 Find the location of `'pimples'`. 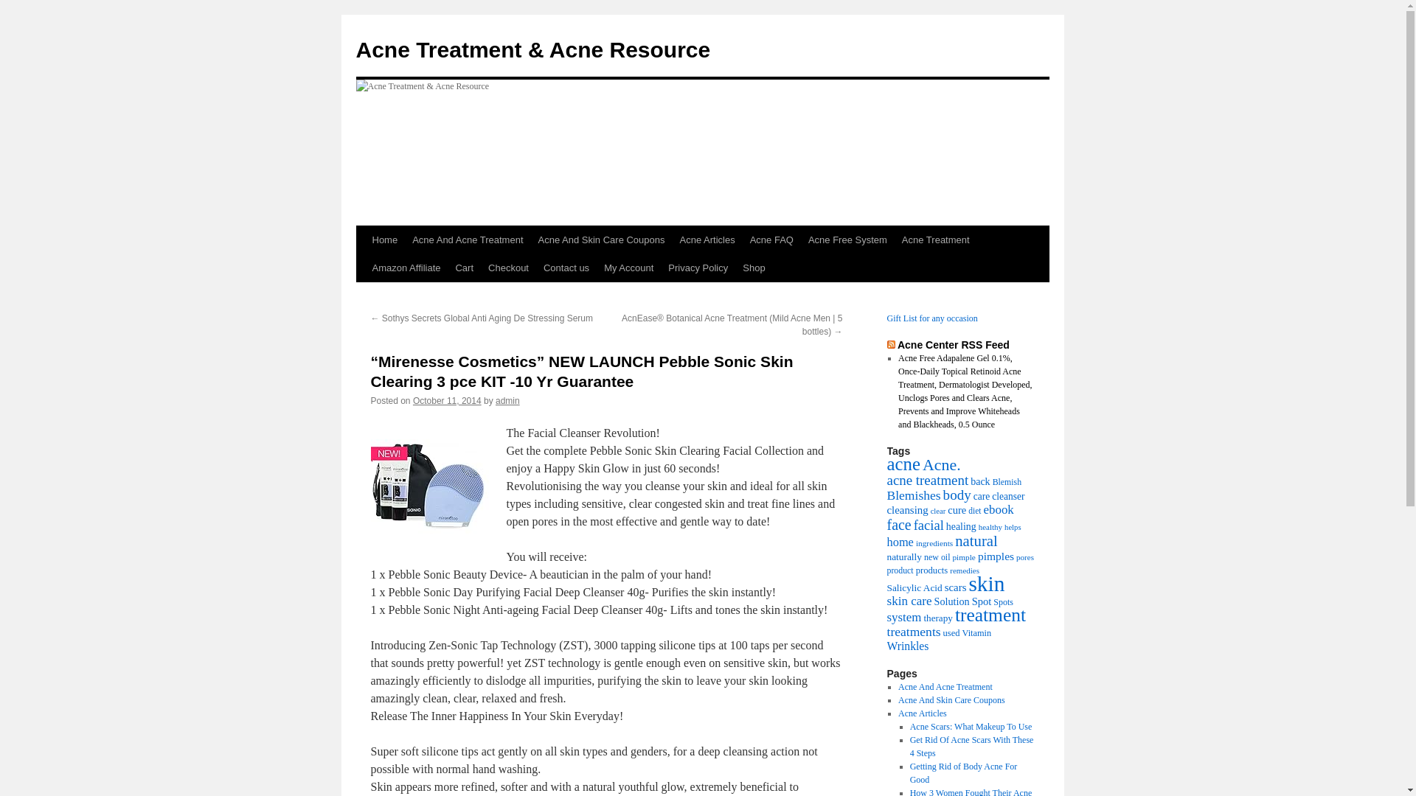

'pimples' is located at coordinates (977, 556).